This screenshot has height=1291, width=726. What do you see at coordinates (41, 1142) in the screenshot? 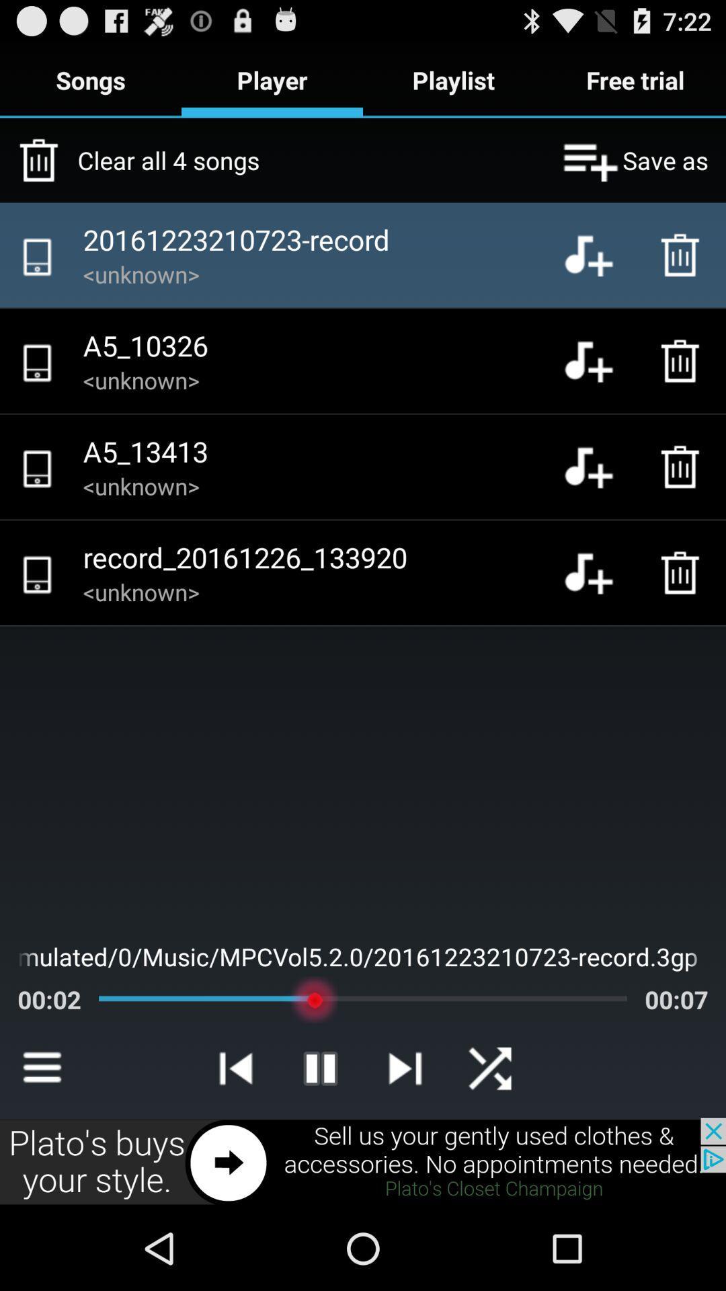
I see `the menu icon` at bounding box center [41, 1142].